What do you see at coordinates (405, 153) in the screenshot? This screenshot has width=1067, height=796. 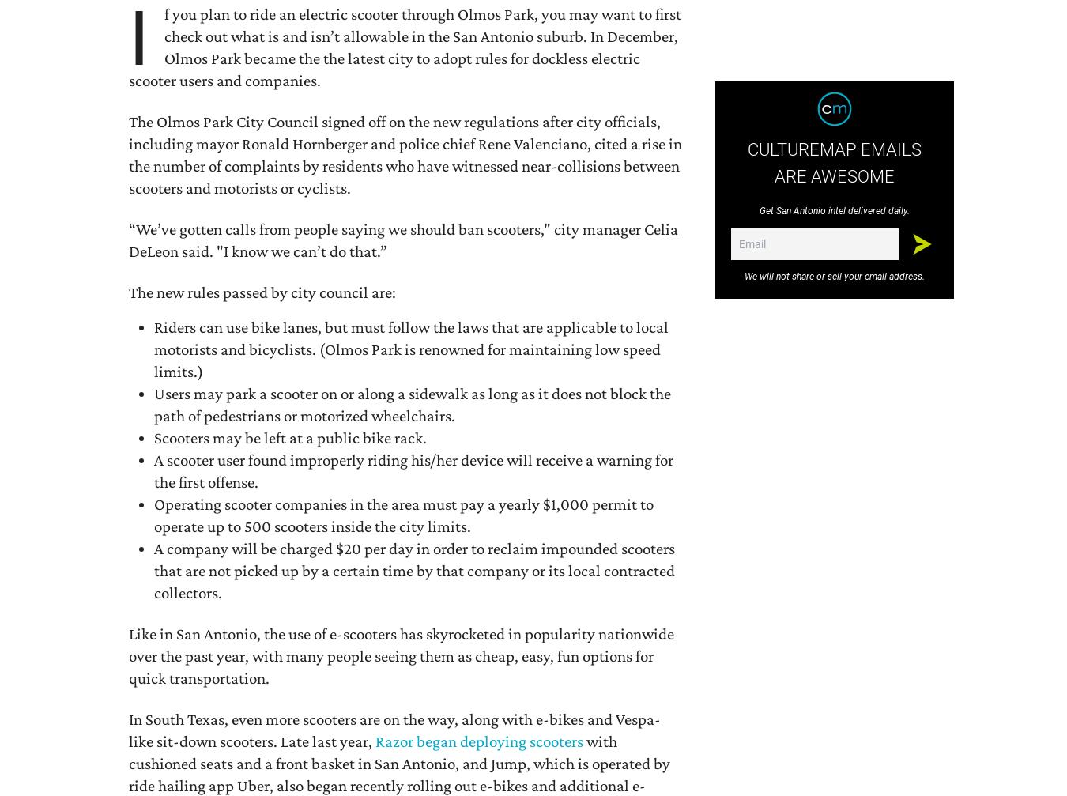 I see `'The Olmos Park City Council signed off on the new regulations after city officials, including mayor Ronald Hornberger and police chief Rene Valenciano, cited a rise in the number of complaints by residents who have witnessed near-collisions between scooters and motorists or cyclists.'` at bounding box center [405, 153].